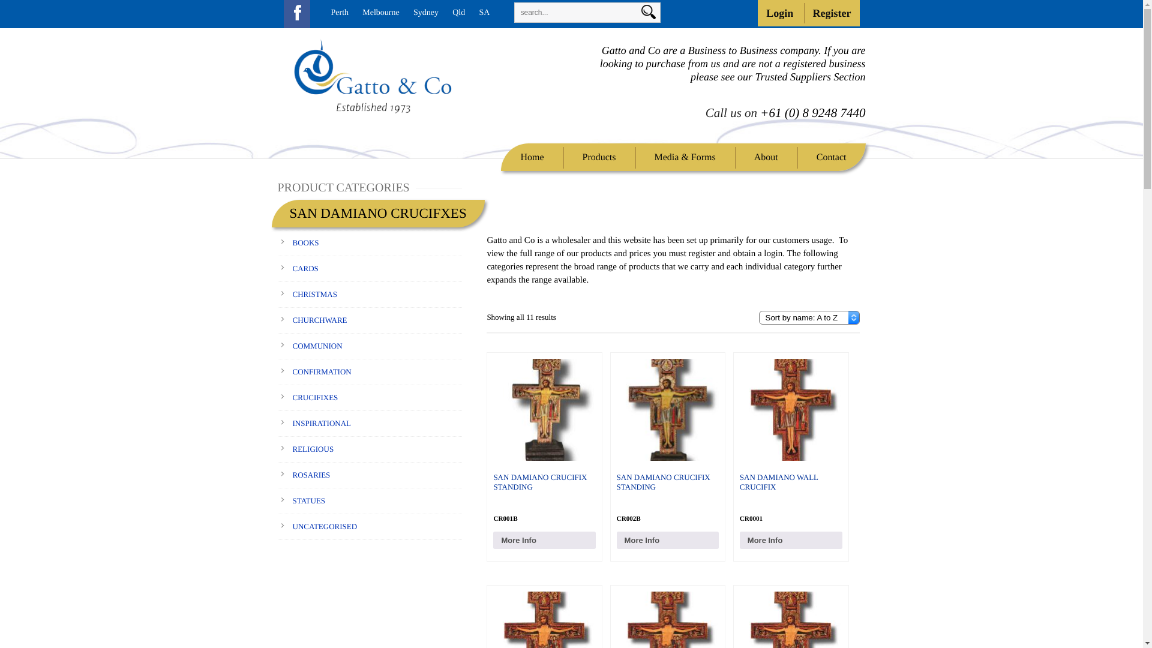 This screenshot has width=1152, height=648. Describe the element at coordinates (667, 442) in the screenshot. I see `'SAN DAMIANO CRUCIFIX STANDING` at that location.